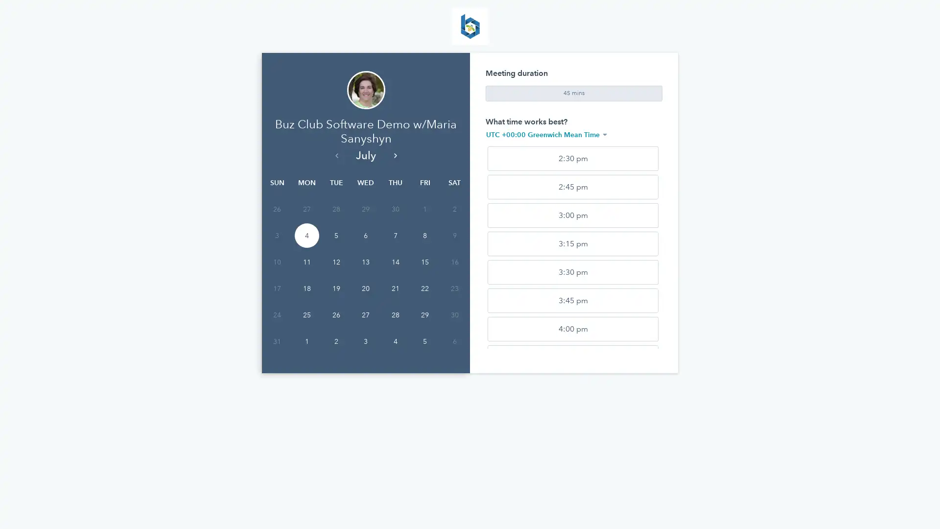 The width and height of the screenshot is (940, 529). What do you see at coordinates (336, 209) in the screenshot?
I see `June 28th` at bounding box center [336, 209].